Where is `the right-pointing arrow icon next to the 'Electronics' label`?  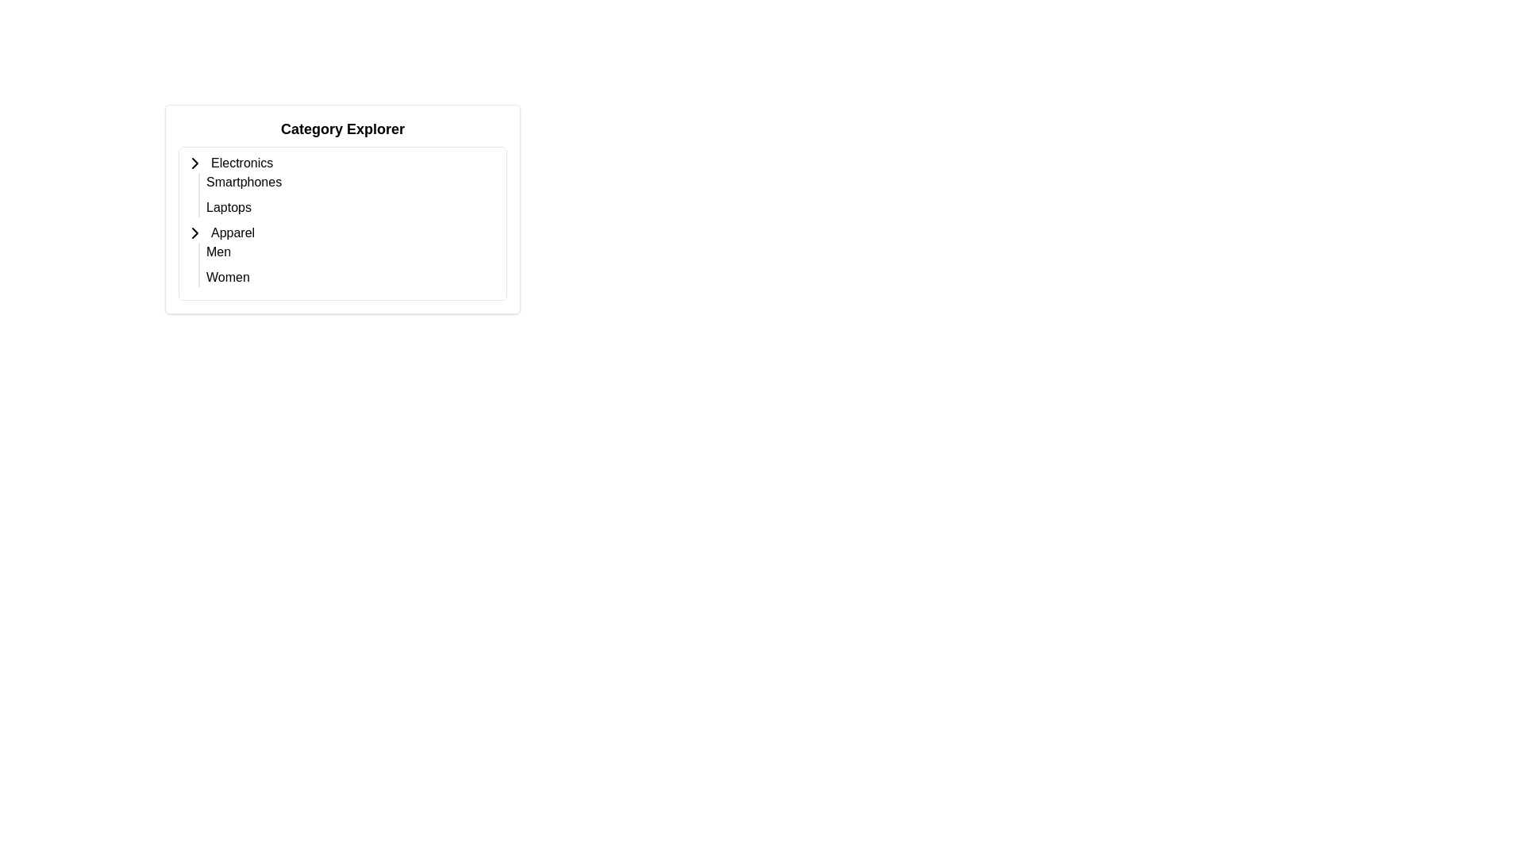
the right-pointing arrow icon next to the 'Electronics' label is located at coordinates (194, 163).